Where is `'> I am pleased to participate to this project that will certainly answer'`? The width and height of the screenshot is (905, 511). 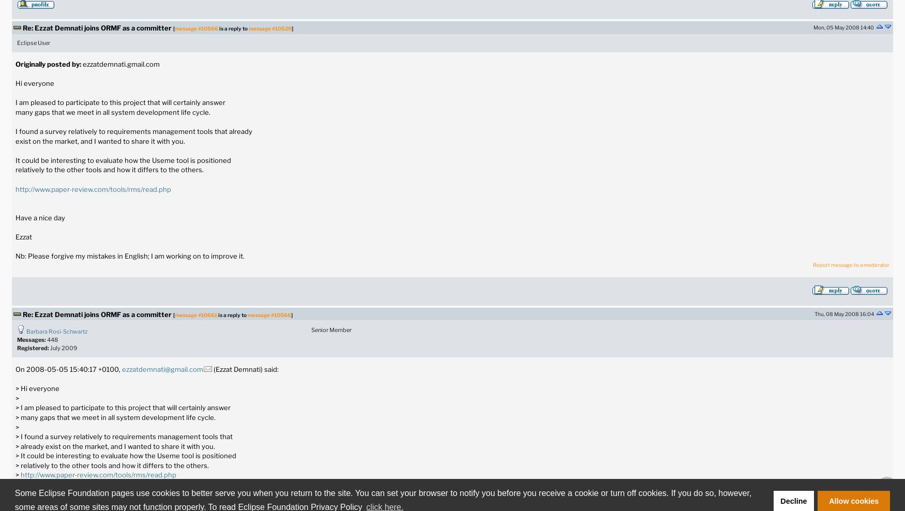 '> I am pleased to participate to this project that will certainly answer' is located at coordinates (14, 407).